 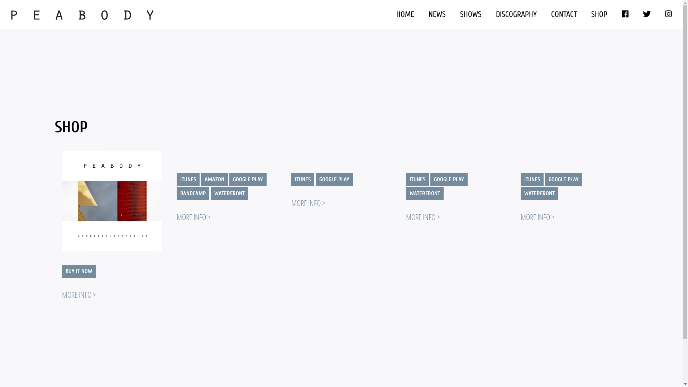 I want to click on 'GOOGLE PLAY', so click(x=333, y=179).